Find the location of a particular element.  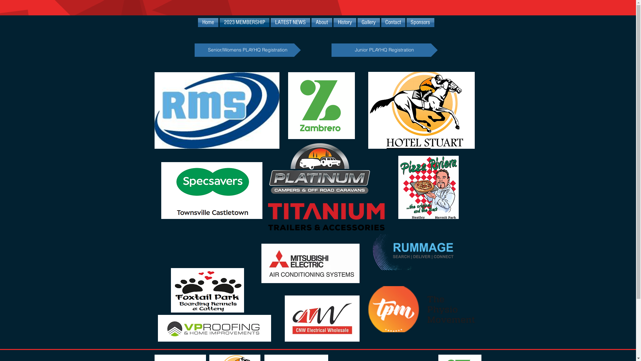

'Sponsors' is located at coordinates (420, 22).